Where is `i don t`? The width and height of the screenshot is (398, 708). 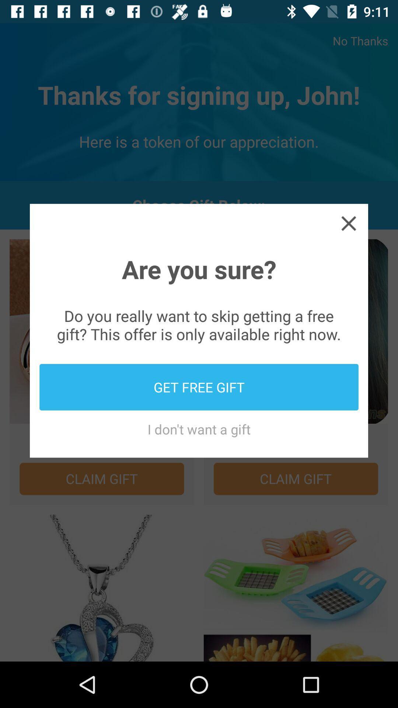
i don t is located at coordinates (199, 429).